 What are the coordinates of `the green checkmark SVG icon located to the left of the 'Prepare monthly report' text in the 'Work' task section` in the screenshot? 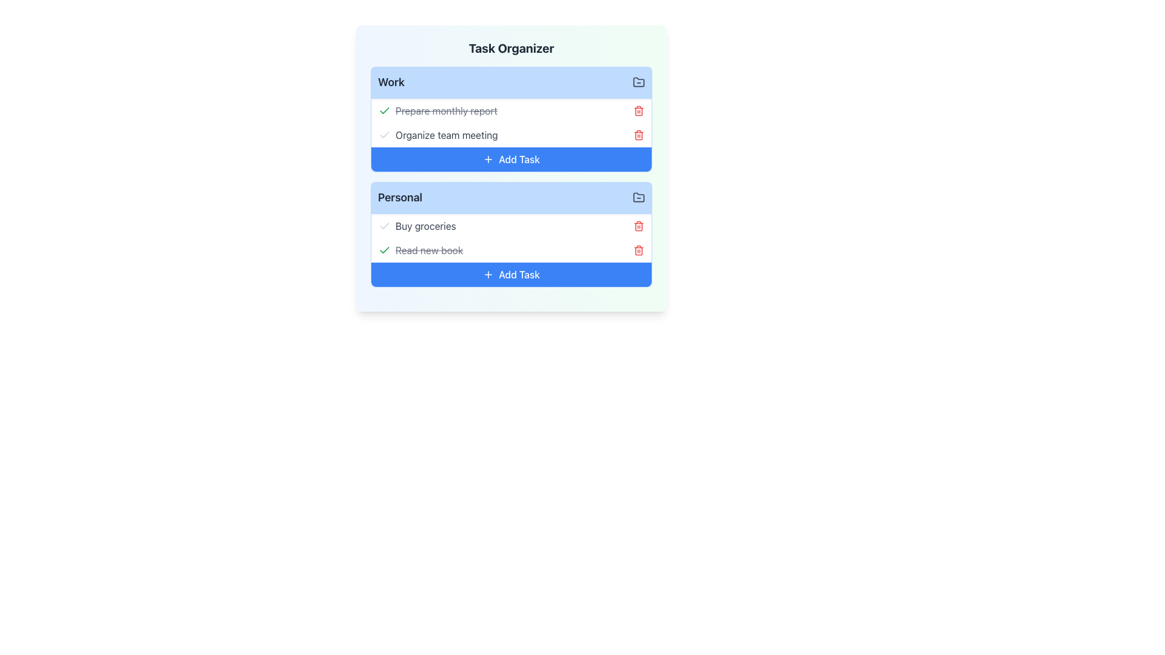 It's located at (383, 249).